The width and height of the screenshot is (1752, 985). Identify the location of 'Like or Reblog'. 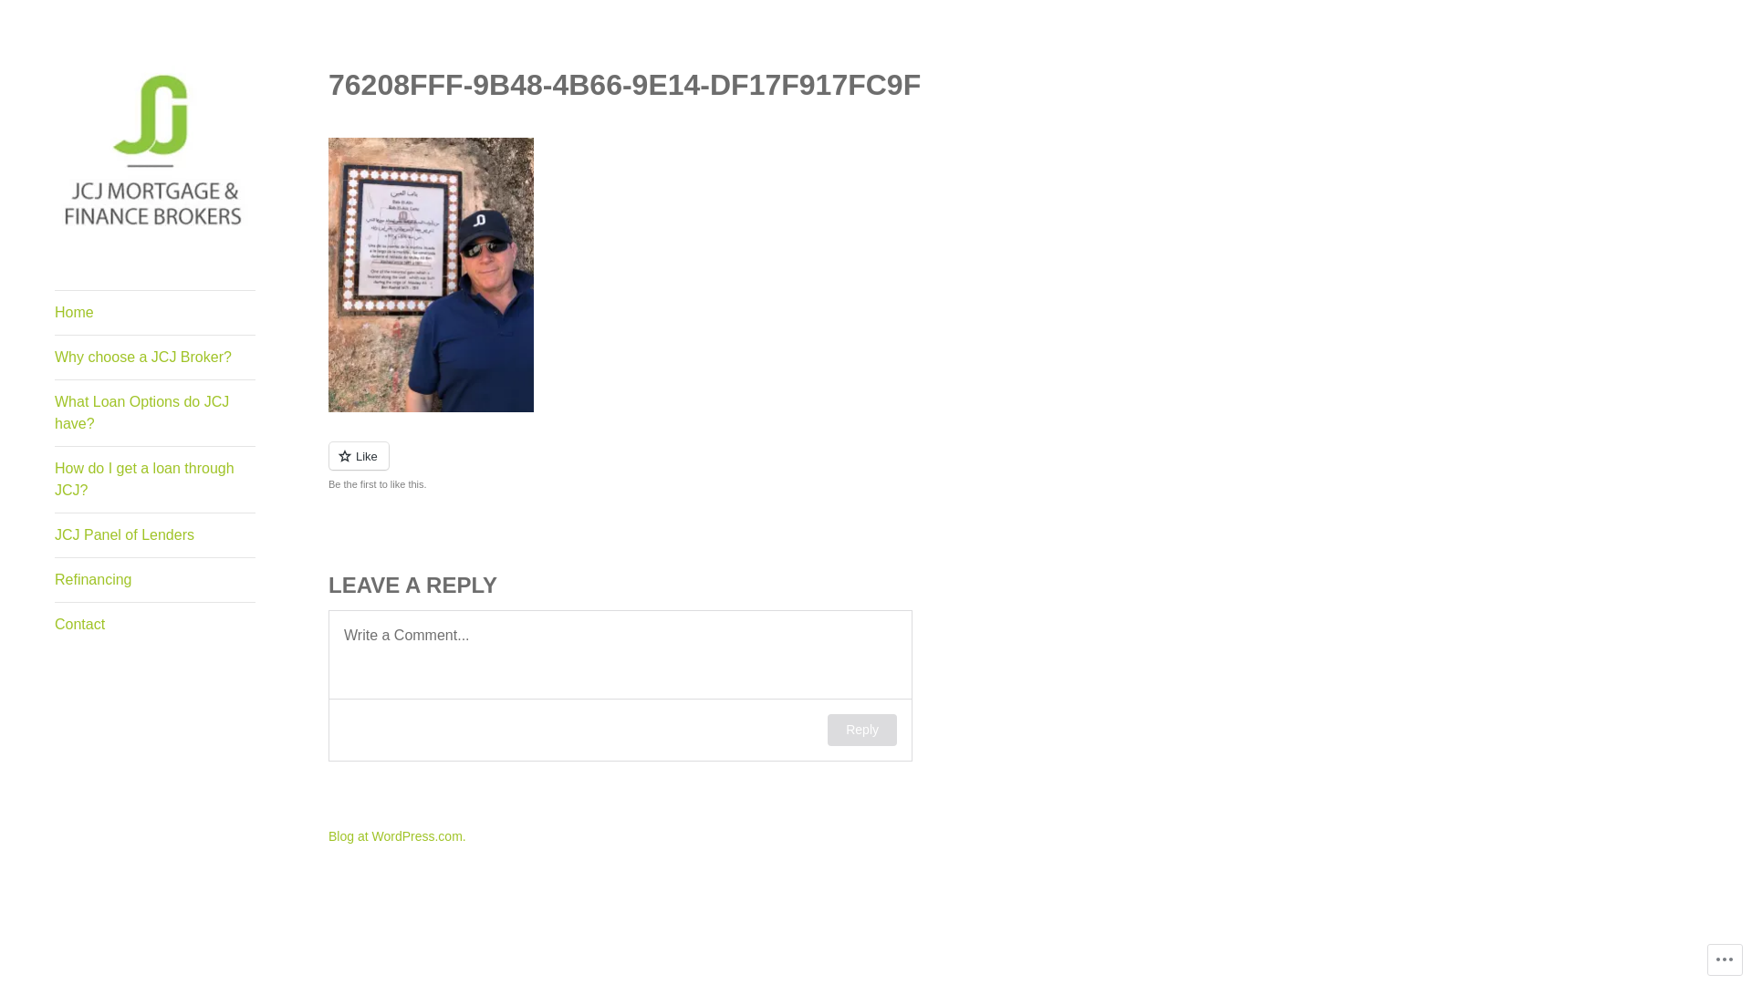
(730, 465).